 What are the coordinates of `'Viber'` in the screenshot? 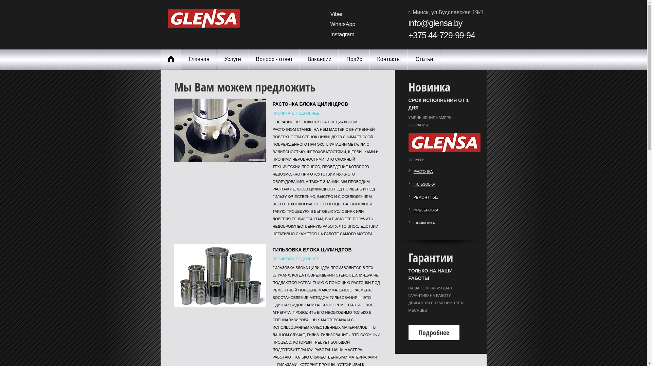 It's located at (336, 14).